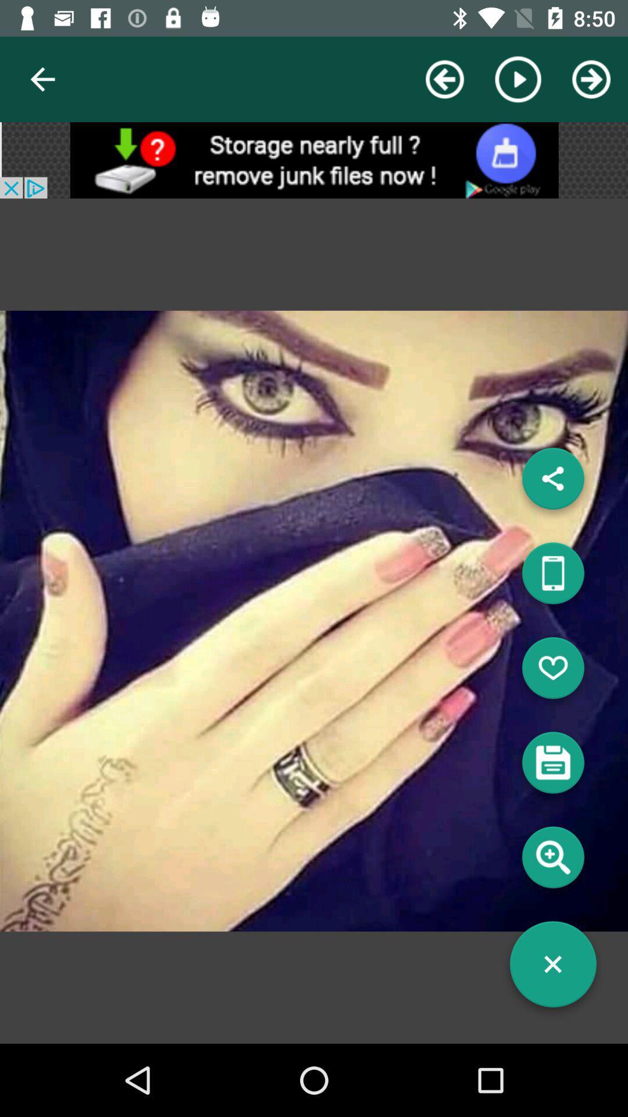 This screenshot has width=628, height=1117. What do you see at coordinates (552, 969) in the screenshot?
I see `menu` at bounding box center [552, 969].